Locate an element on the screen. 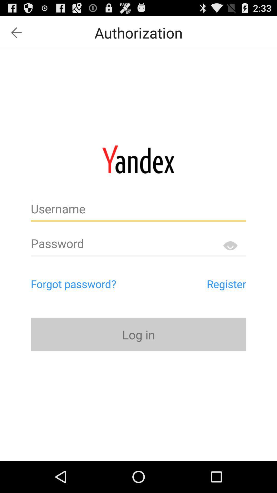  log in at the bottom is located at coordinates (138, 335).